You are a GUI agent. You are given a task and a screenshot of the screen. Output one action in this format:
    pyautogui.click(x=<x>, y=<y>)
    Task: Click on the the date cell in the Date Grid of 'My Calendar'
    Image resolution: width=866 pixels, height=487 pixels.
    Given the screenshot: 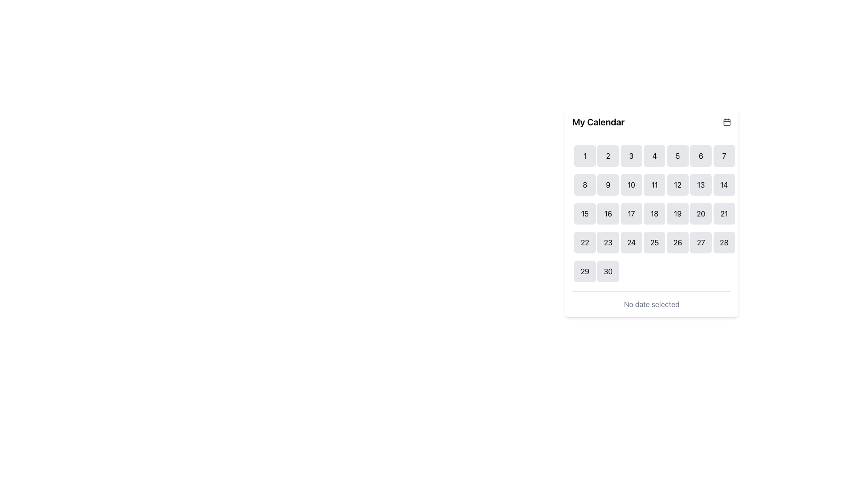 What is the action you would take?
    pyautogui.click(x=651, y=214)
    